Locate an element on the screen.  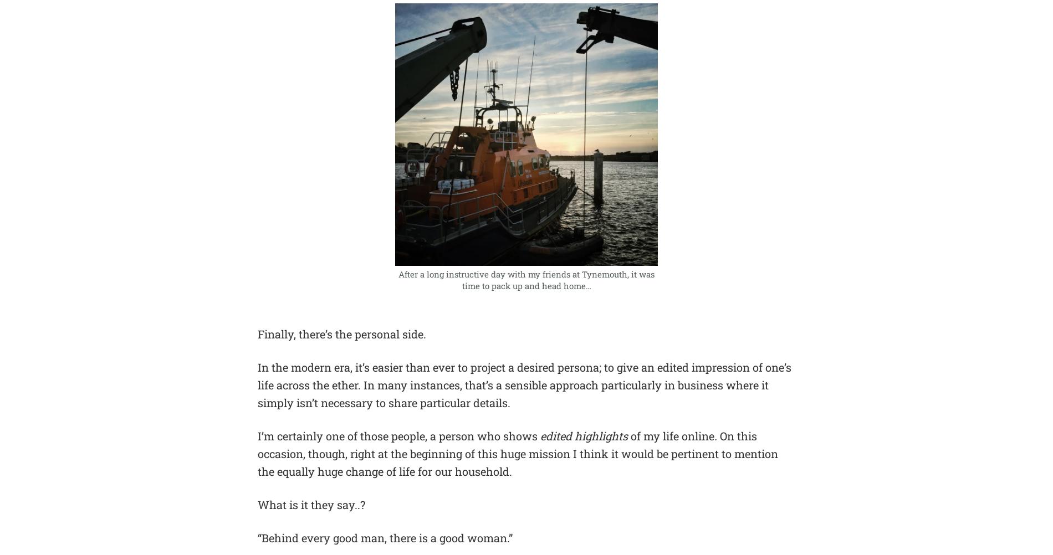
'What is it they say..?' is located at coordinates (311, 505).